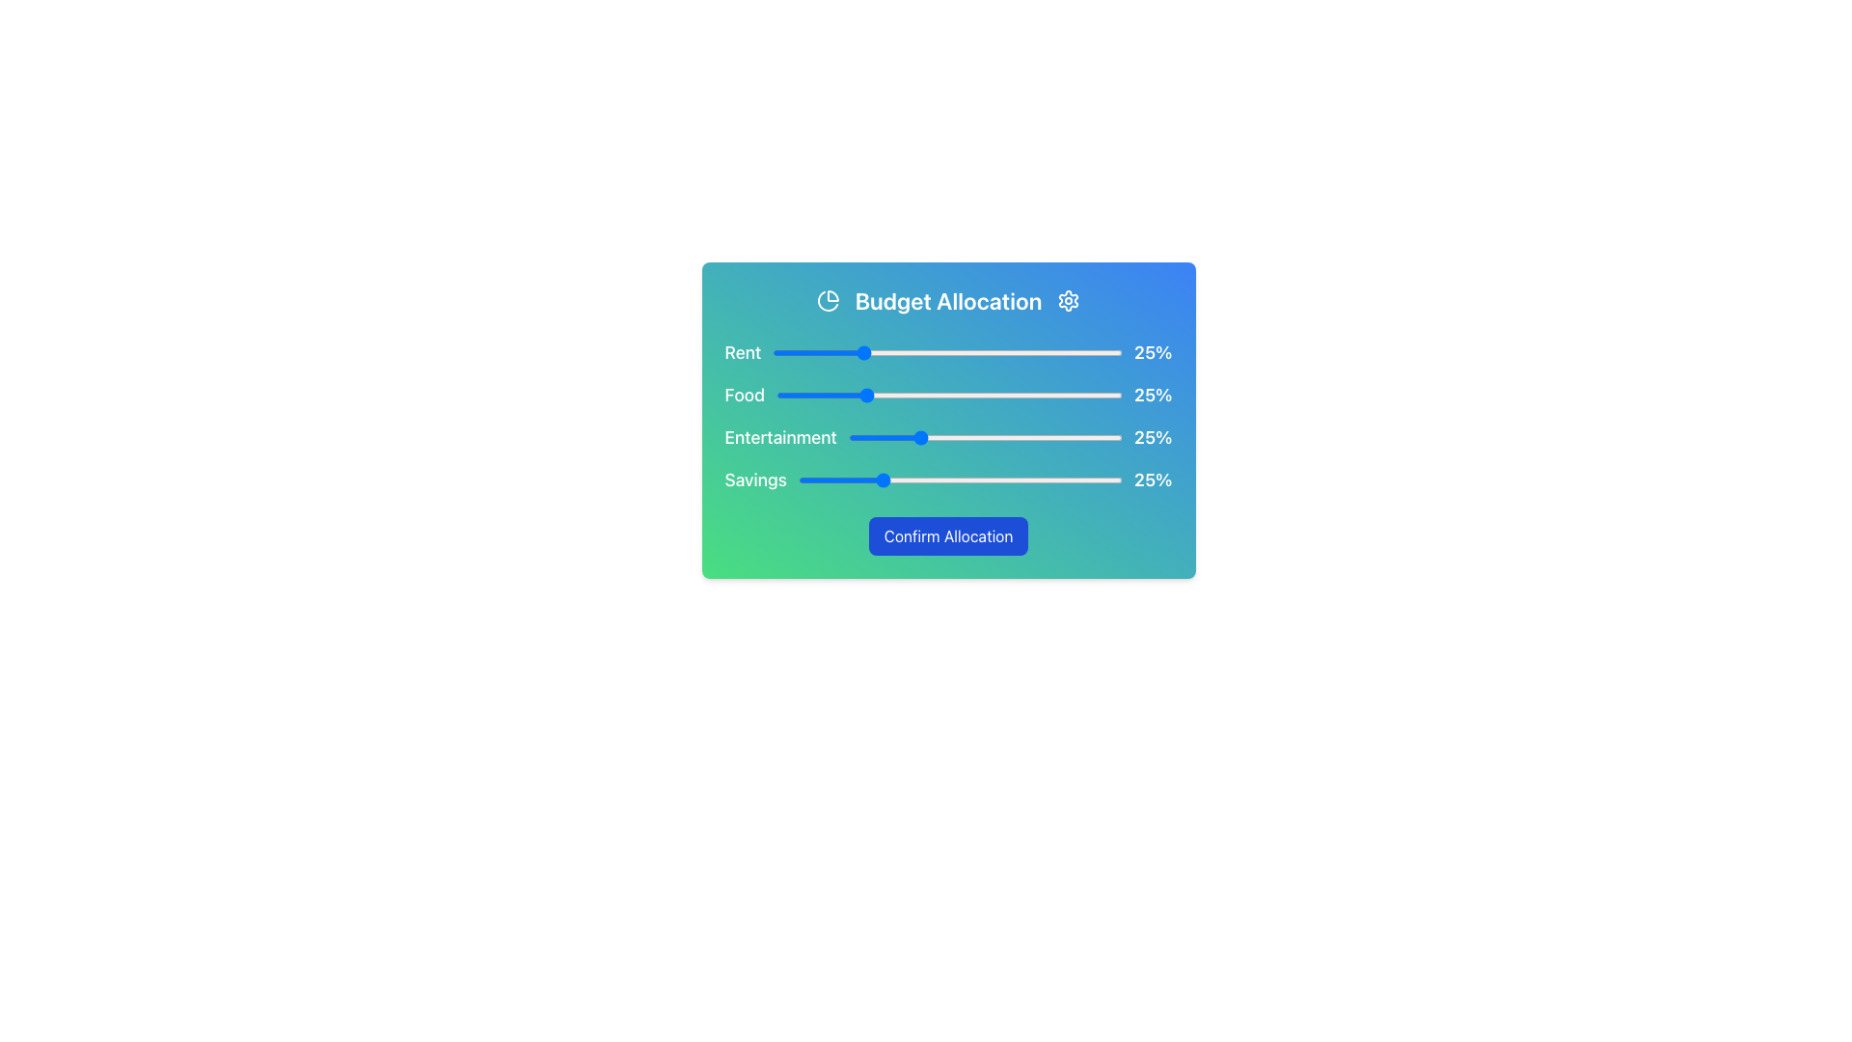  What do you see at coordinates (948, 301) in the screenshot?
I see `the bold text label displaying 'Budget Allocation' which is centered in the header area, flanked by a pie chart icon on the left and a gear icon on the right` at bounding box center [948, 301].